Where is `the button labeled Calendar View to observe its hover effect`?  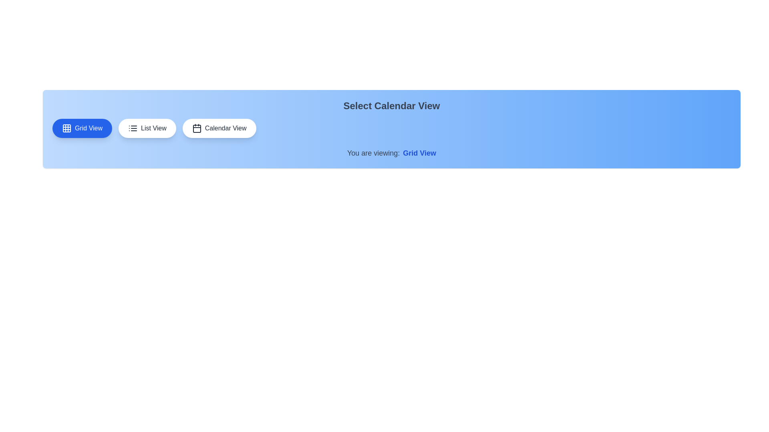 the button labeled Calendar View to observe its hover effect is located at coordinates (219, 128).